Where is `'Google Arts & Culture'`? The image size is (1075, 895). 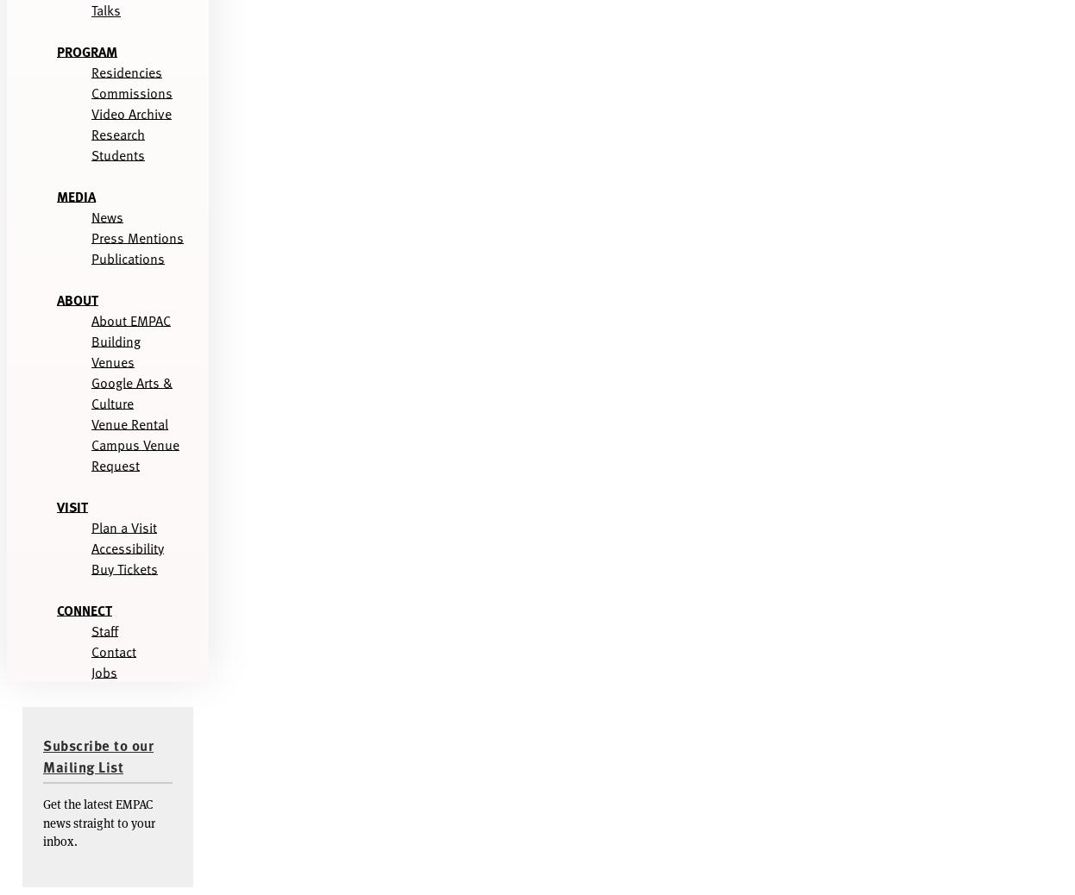
'Google Arts & Culture' is located at coordinates (132, 391).